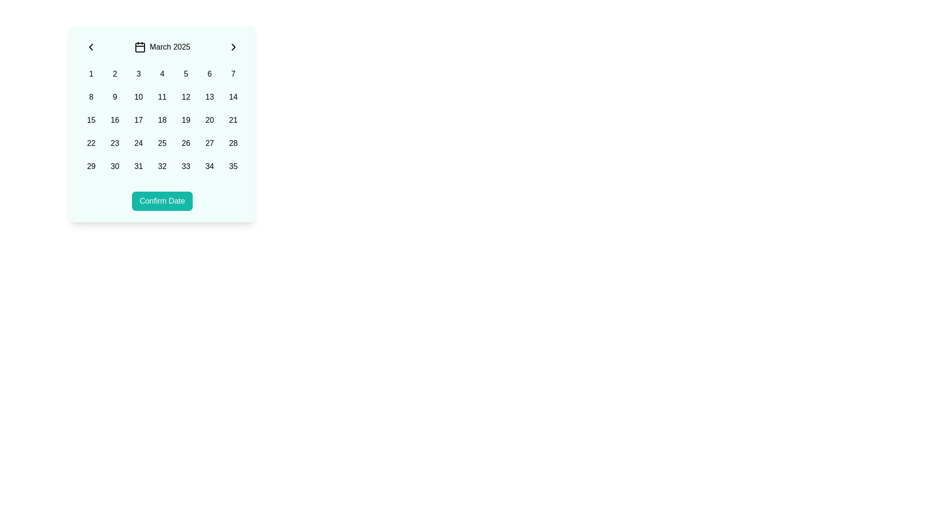  Describe the element at coordinates (233, 47) in the screenshot. I see `the chevron icon located in the top-right corner of the calendar header section` at that location.